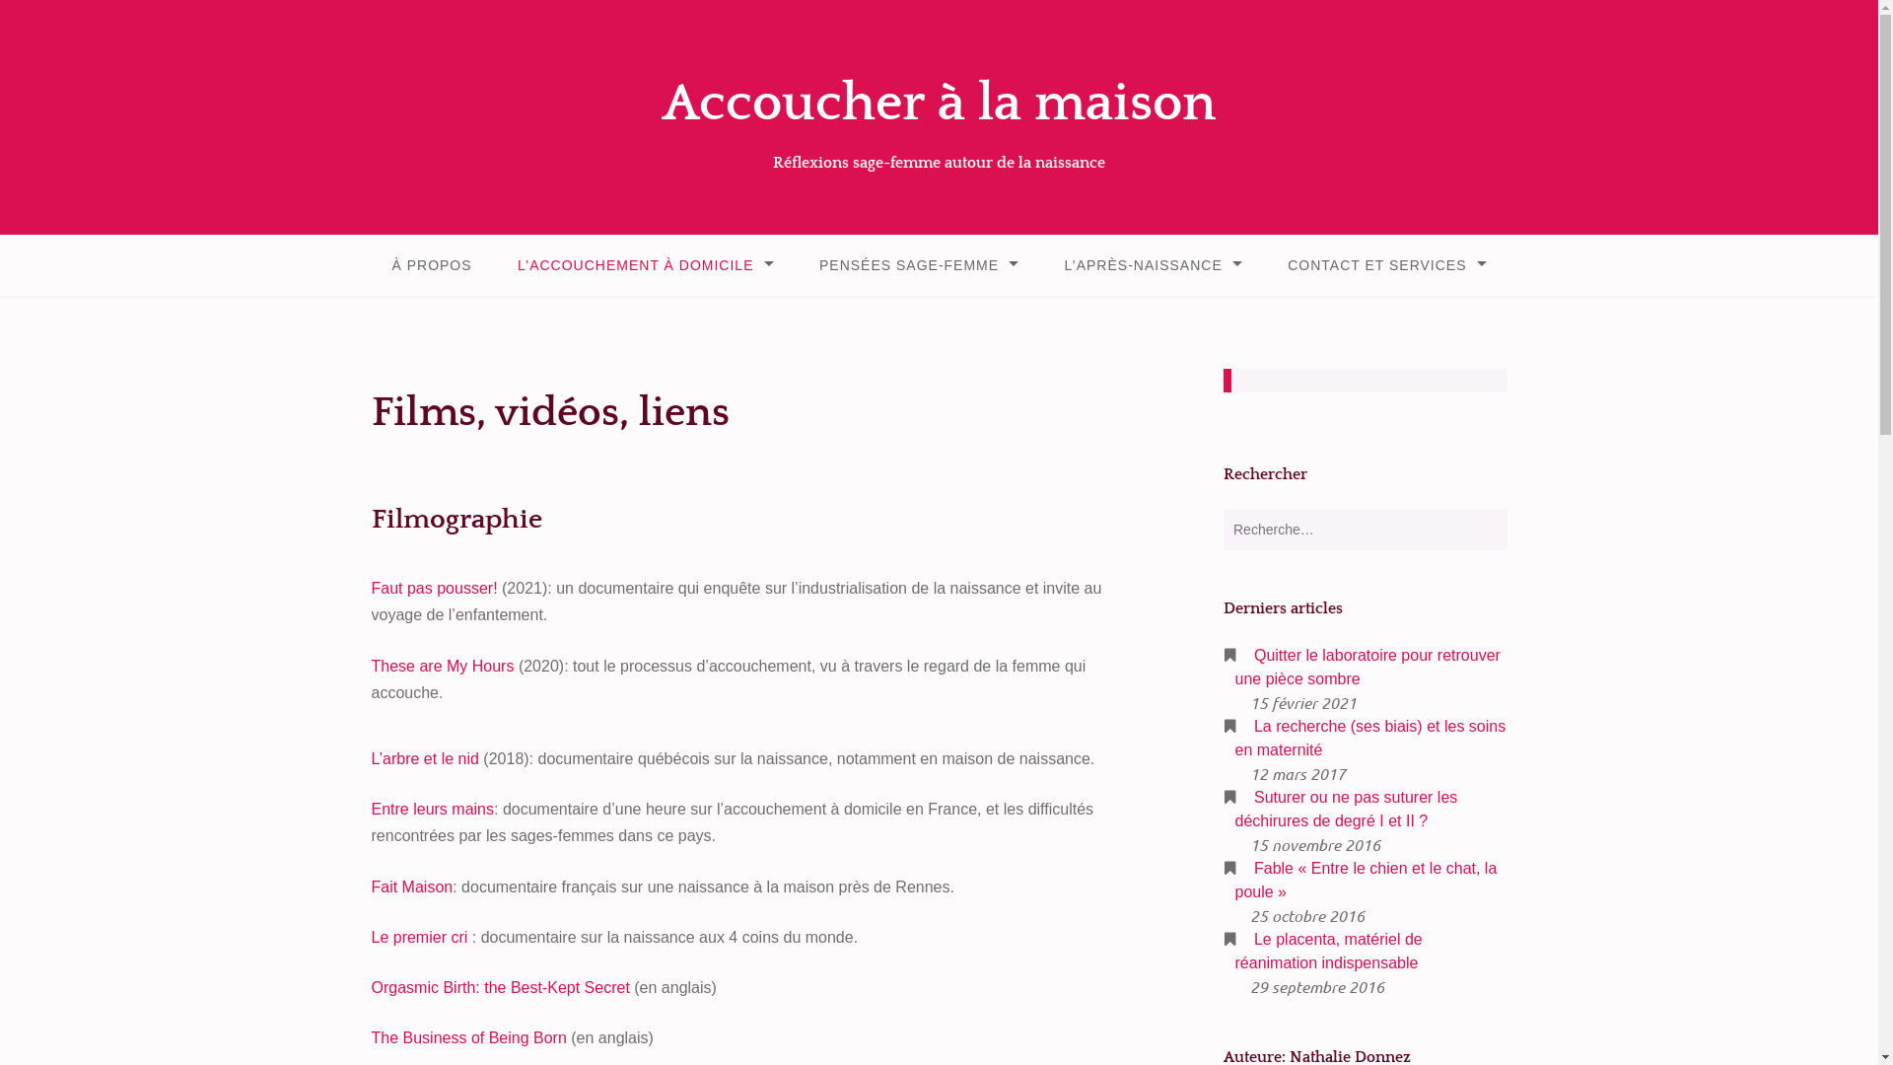  I want to click on 'Entre leurs mains', so click(431, 809).